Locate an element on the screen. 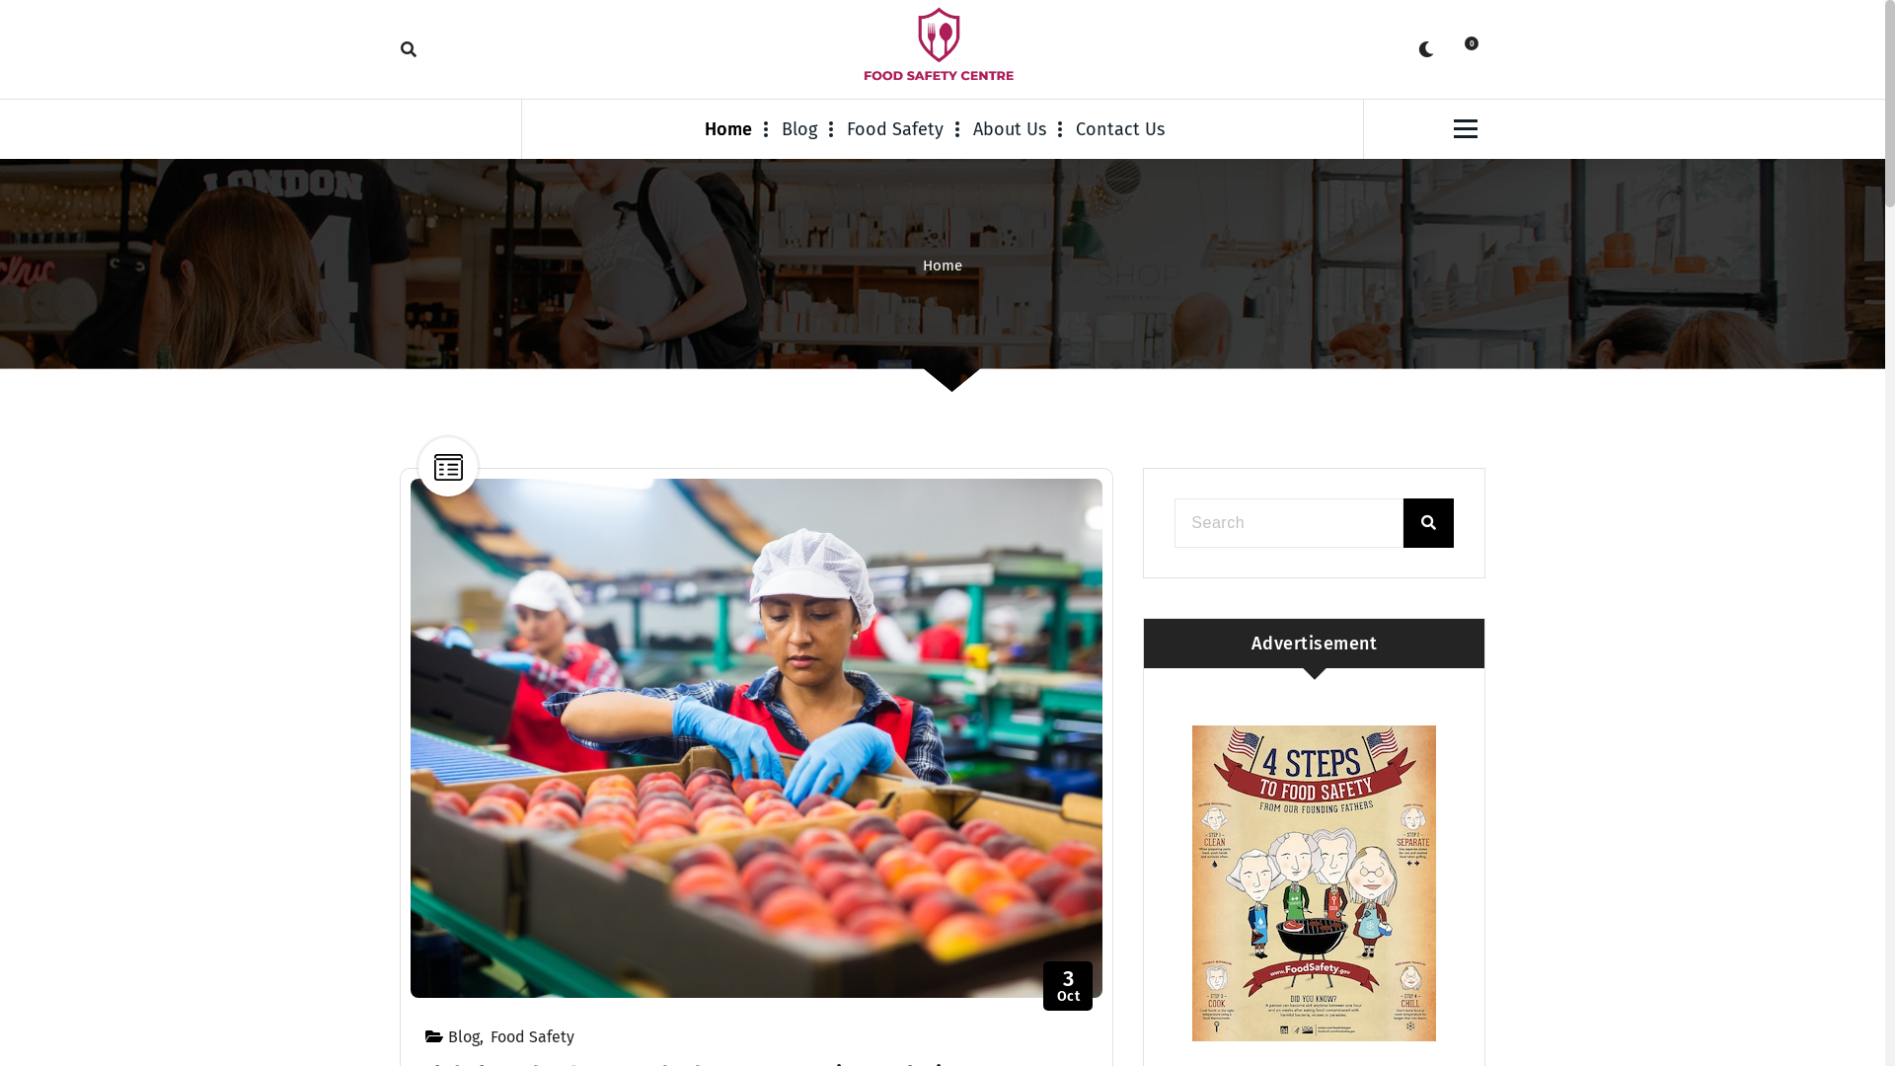 Image resolution: width=1895 pixels, height=1066 pixels. 'Blog' is located at coordinates (799, 129).